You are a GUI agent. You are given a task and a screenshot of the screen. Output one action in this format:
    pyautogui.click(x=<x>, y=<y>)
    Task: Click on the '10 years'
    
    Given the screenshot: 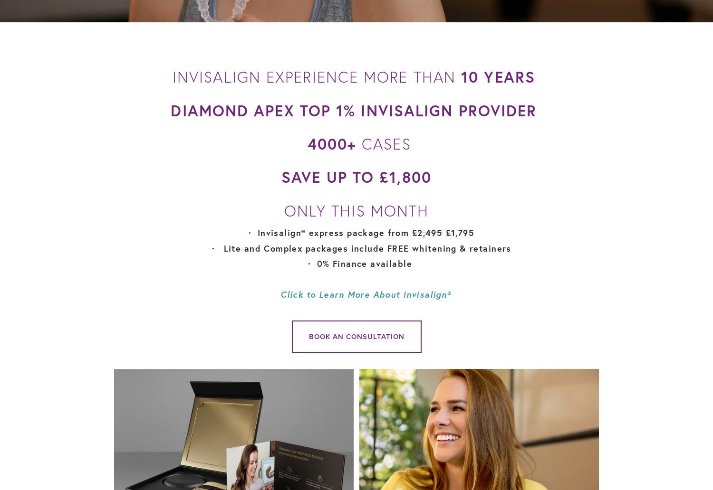 What is the action you would take?
    pyautogui.click(x=461, y=76)
    